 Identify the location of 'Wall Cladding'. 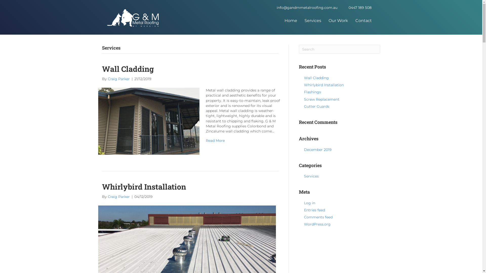
(149, 121).